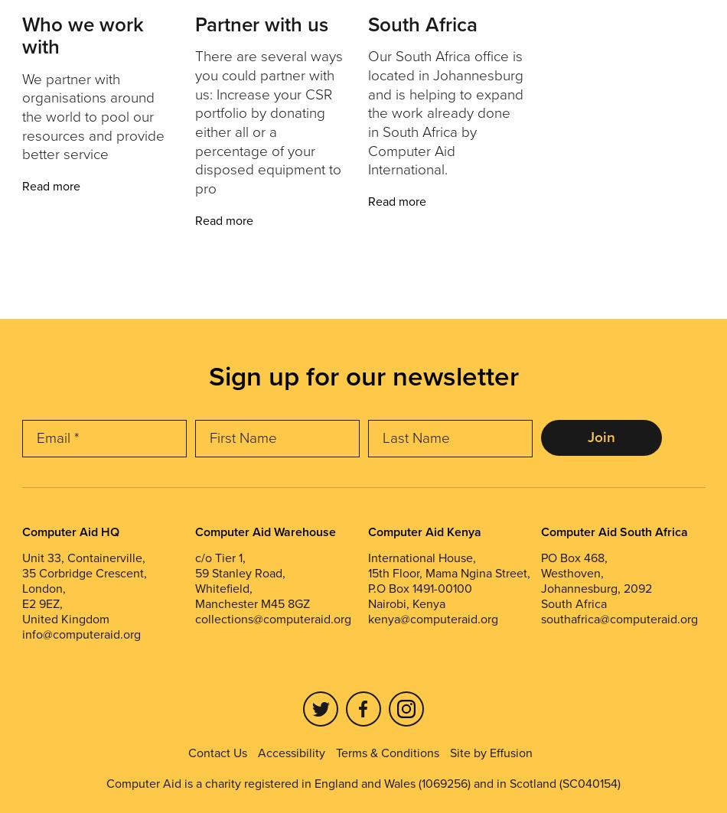  Describe the element at coordinates (572, 557) in the screenshot. I see `'PO Box 468,'` at that location.